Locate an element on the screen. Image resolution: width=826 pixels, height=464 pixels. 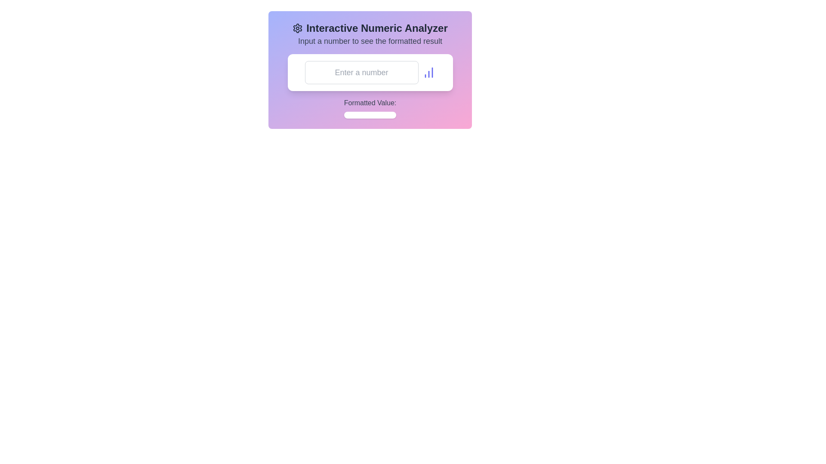
the large, horizontally aligned text input field with a placeholder that reads 'Enter a number' to select the text is located at coordinates (361, 72).